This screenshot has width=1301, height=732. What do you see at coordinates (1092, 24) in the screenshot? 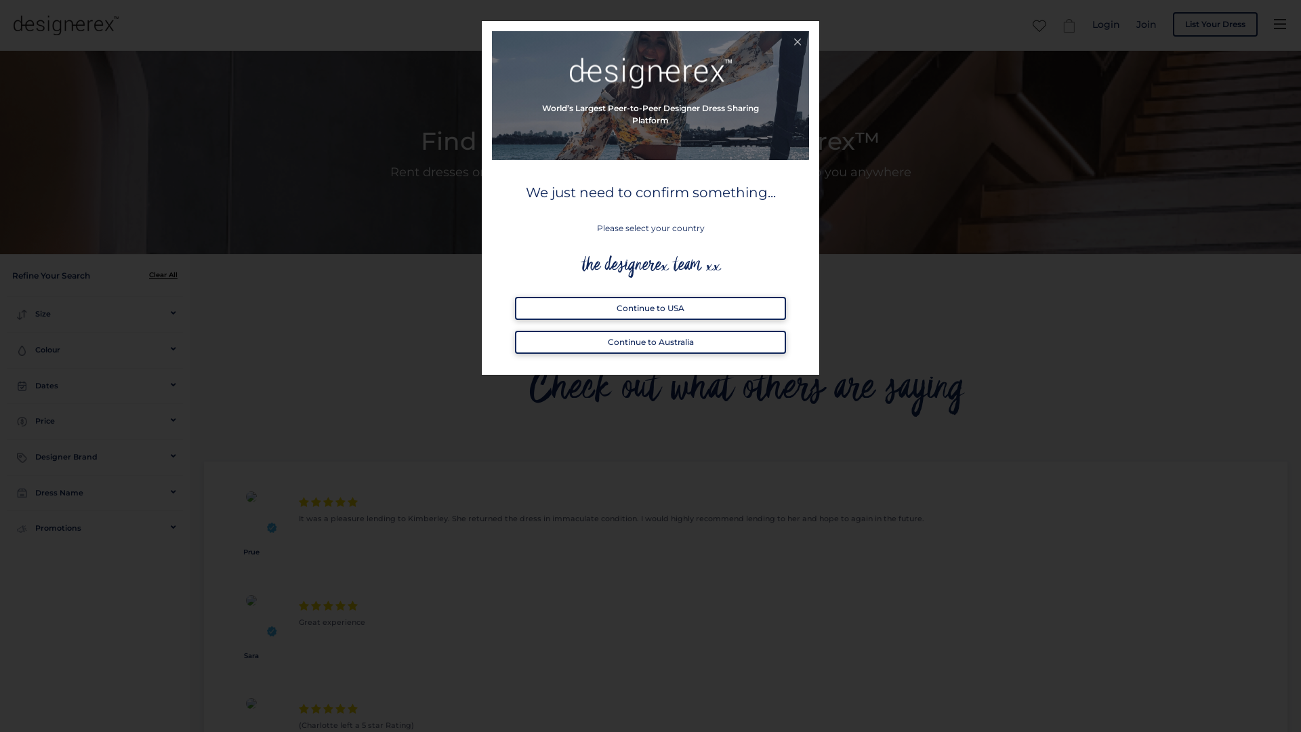
I see `'Login'` at bounding box center [1092, 24].